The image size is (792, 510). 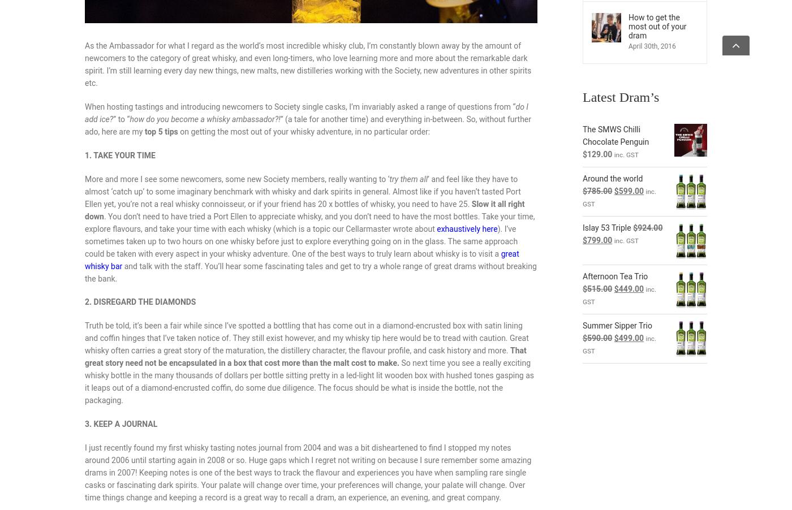 I want to click on '924.00', so click(x=649, y=228).